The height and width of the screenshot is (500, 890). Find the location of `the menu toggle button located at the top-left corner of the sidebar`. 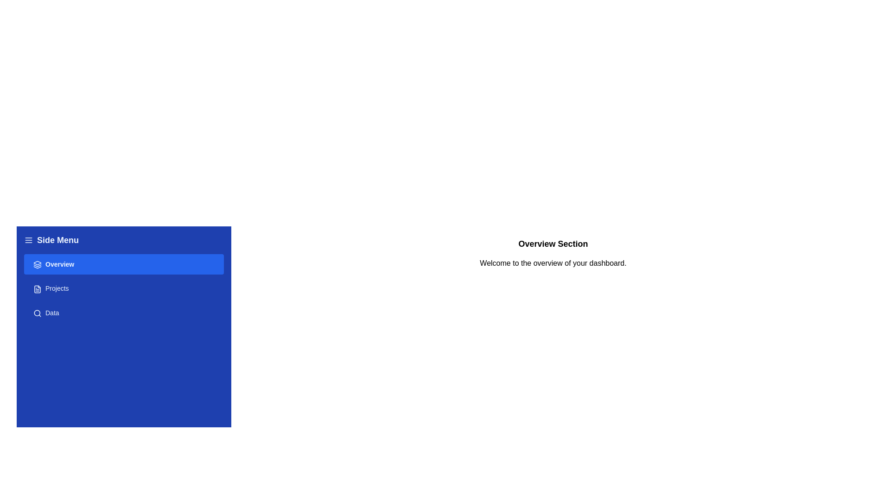

the menu toggle button located at the top-left corner of the sidebar is located at coordinates (29, 240).